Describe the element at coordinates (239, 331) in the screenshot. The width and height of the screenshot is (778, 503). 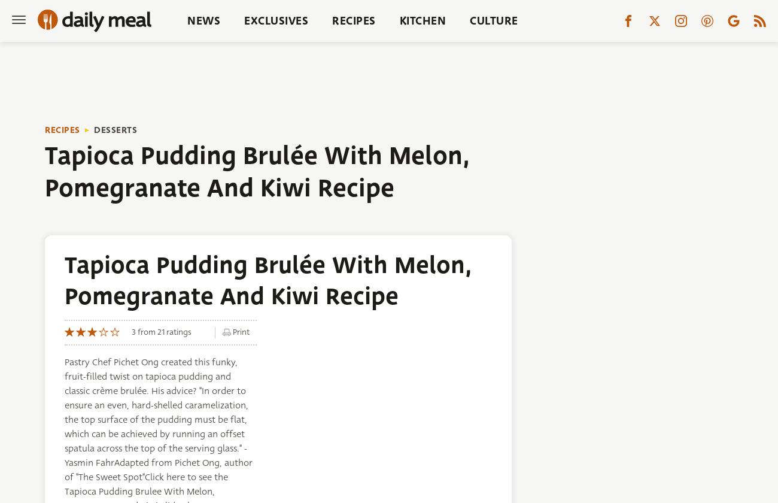
I see `'Print'` at that location.